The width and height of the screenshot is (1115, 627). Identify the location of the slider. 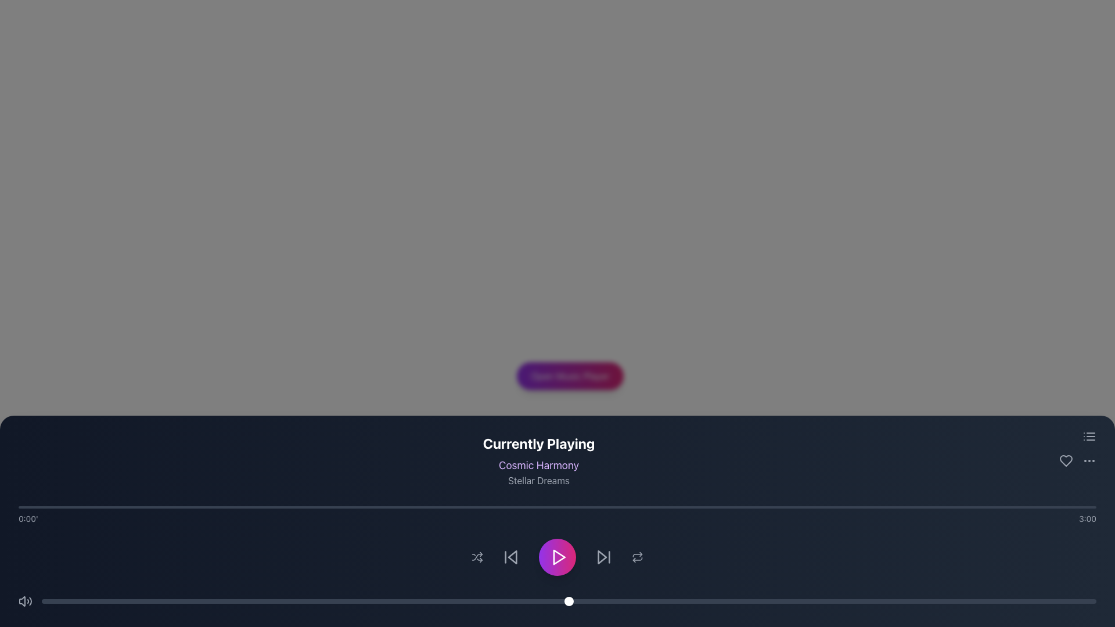
(42, 601).